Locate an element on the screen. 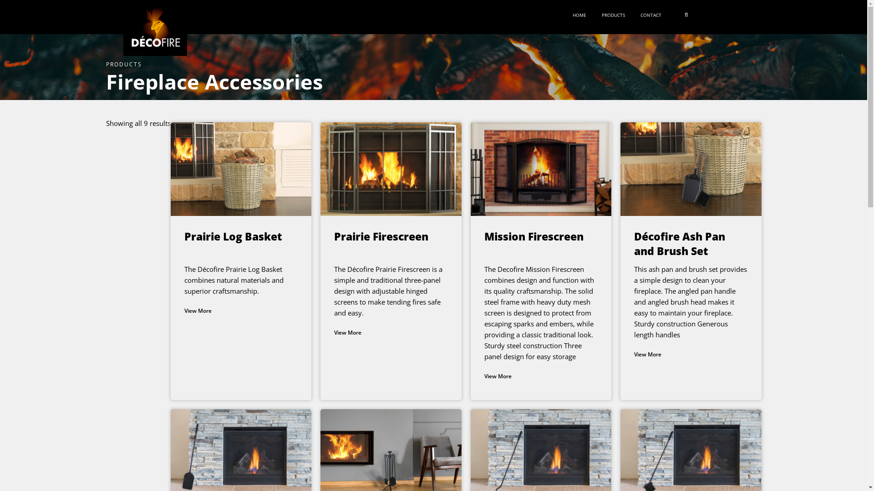  'PRODUCTS' is located at coordinates (615, 15).